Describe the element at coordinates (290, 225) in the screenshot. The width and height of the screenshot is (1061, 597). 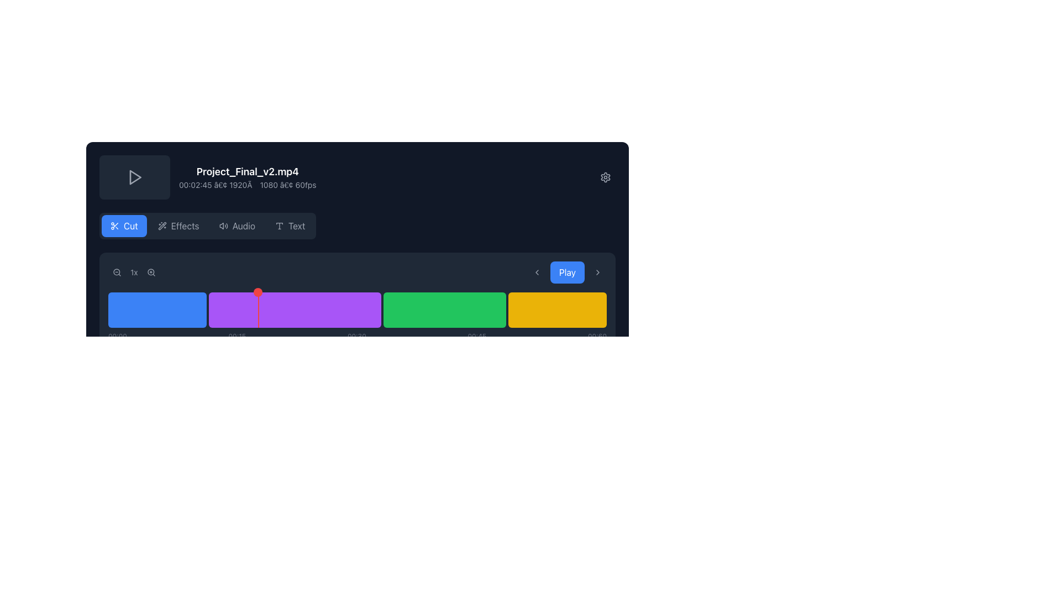
I see `the button with an icon and text label that activates or navigates to the Text feature of the application, located last in the row of options after the 'Cut', 'Effects', and 'Audio' buttons` at that location.